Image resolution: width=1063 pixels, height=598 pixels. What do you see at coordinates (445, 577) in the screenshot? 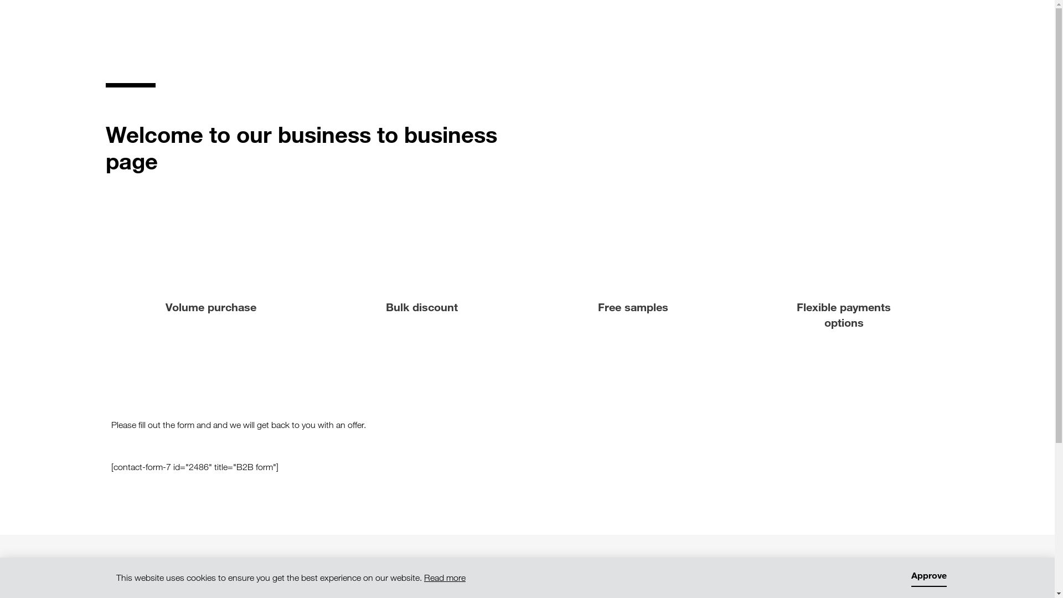
I see `'Read more'` at bounding box center [445, 577].